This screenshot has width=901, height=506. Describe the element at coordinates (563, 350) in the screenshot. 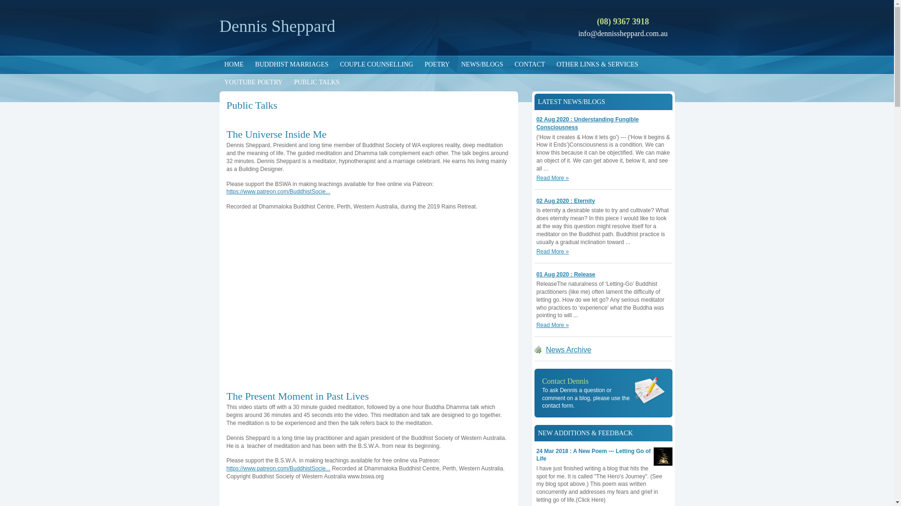

I see `'News Archive'` at that location.